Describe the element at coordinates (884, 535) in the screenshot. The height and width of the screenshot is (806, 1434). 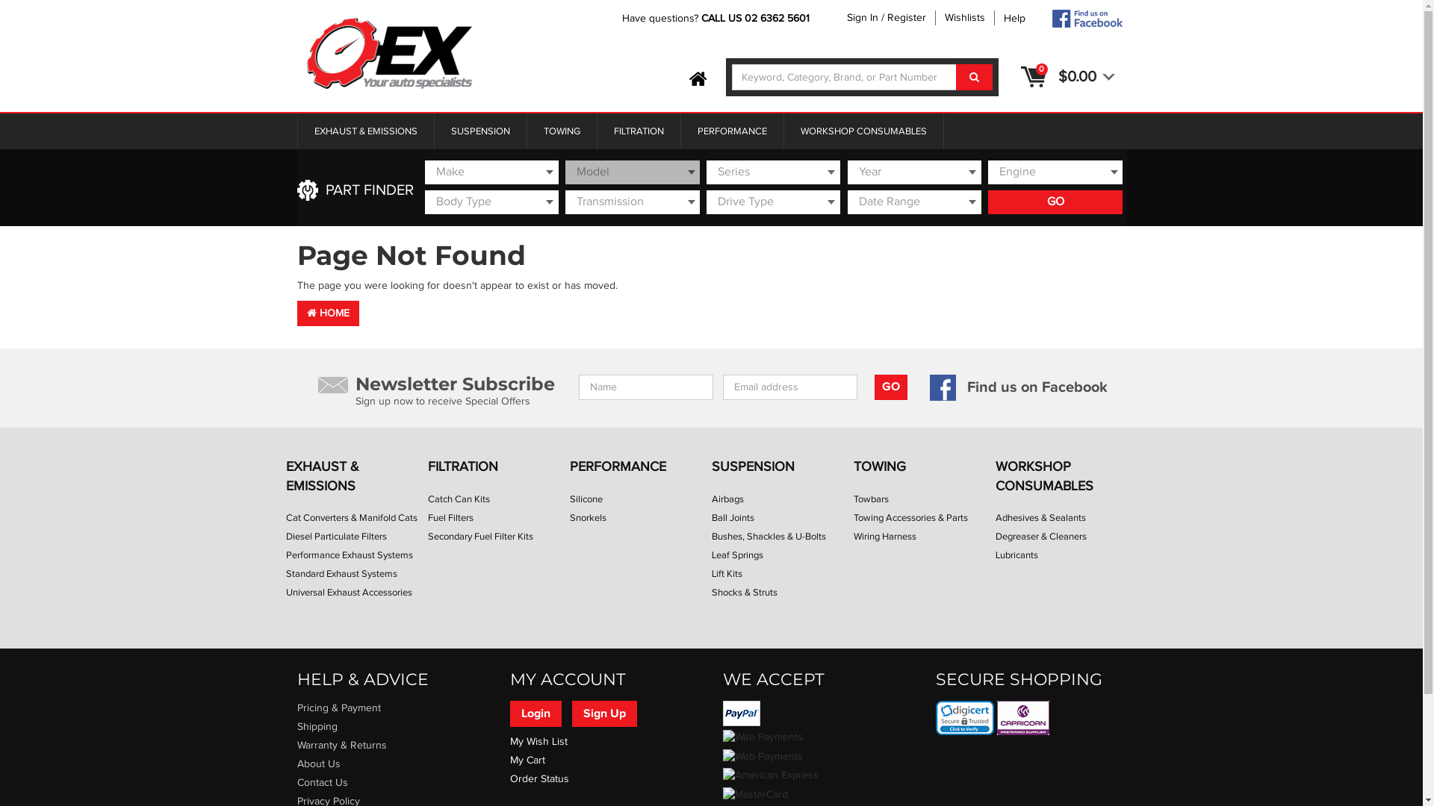
I see `'Wiring Harness'` at that location.